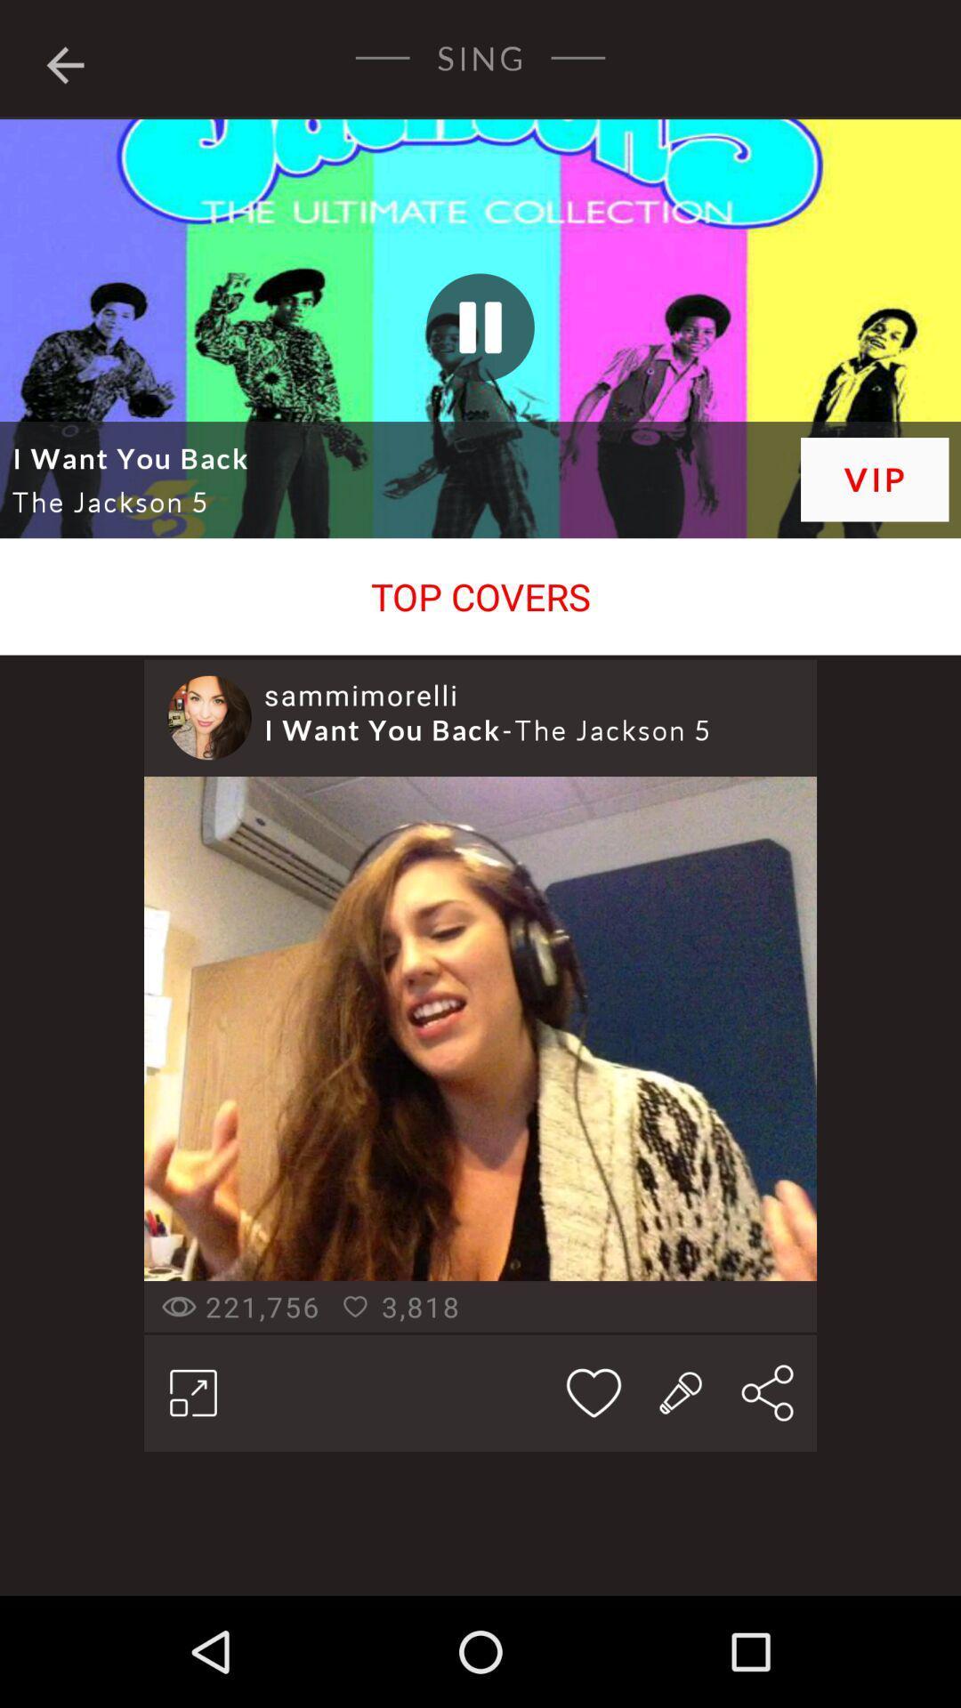  I want to click on sammimorelli, so click(360, 694).